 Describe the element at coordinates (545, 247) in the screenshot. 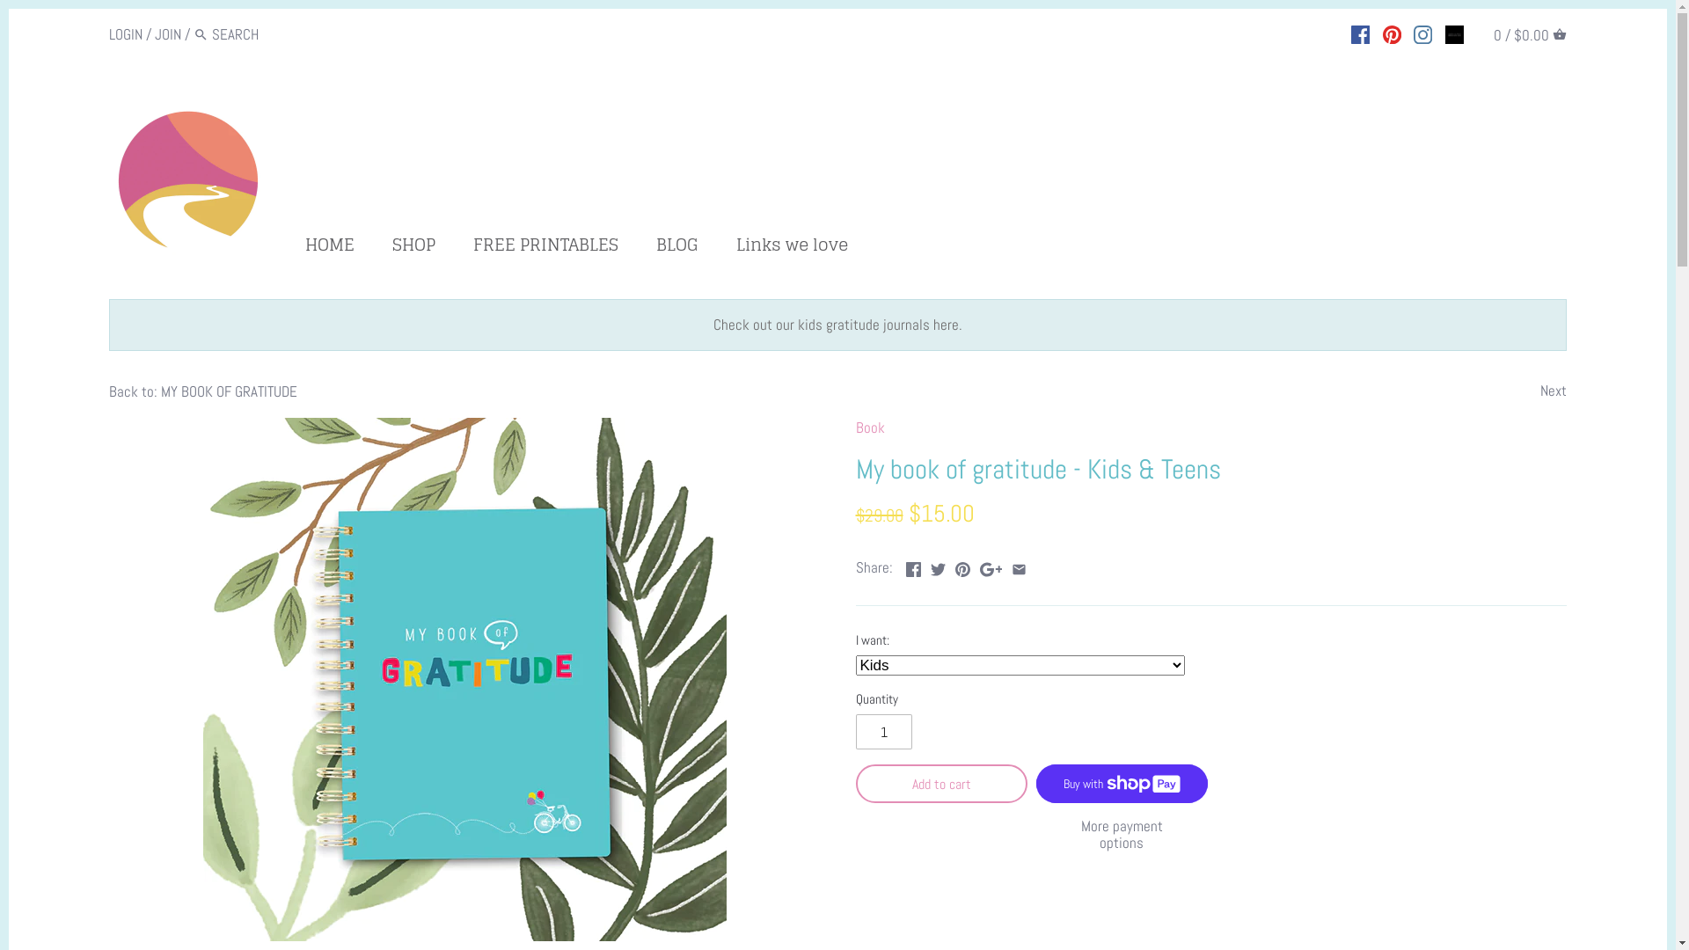

I see `'FREE PRINTABLES'` at that location.